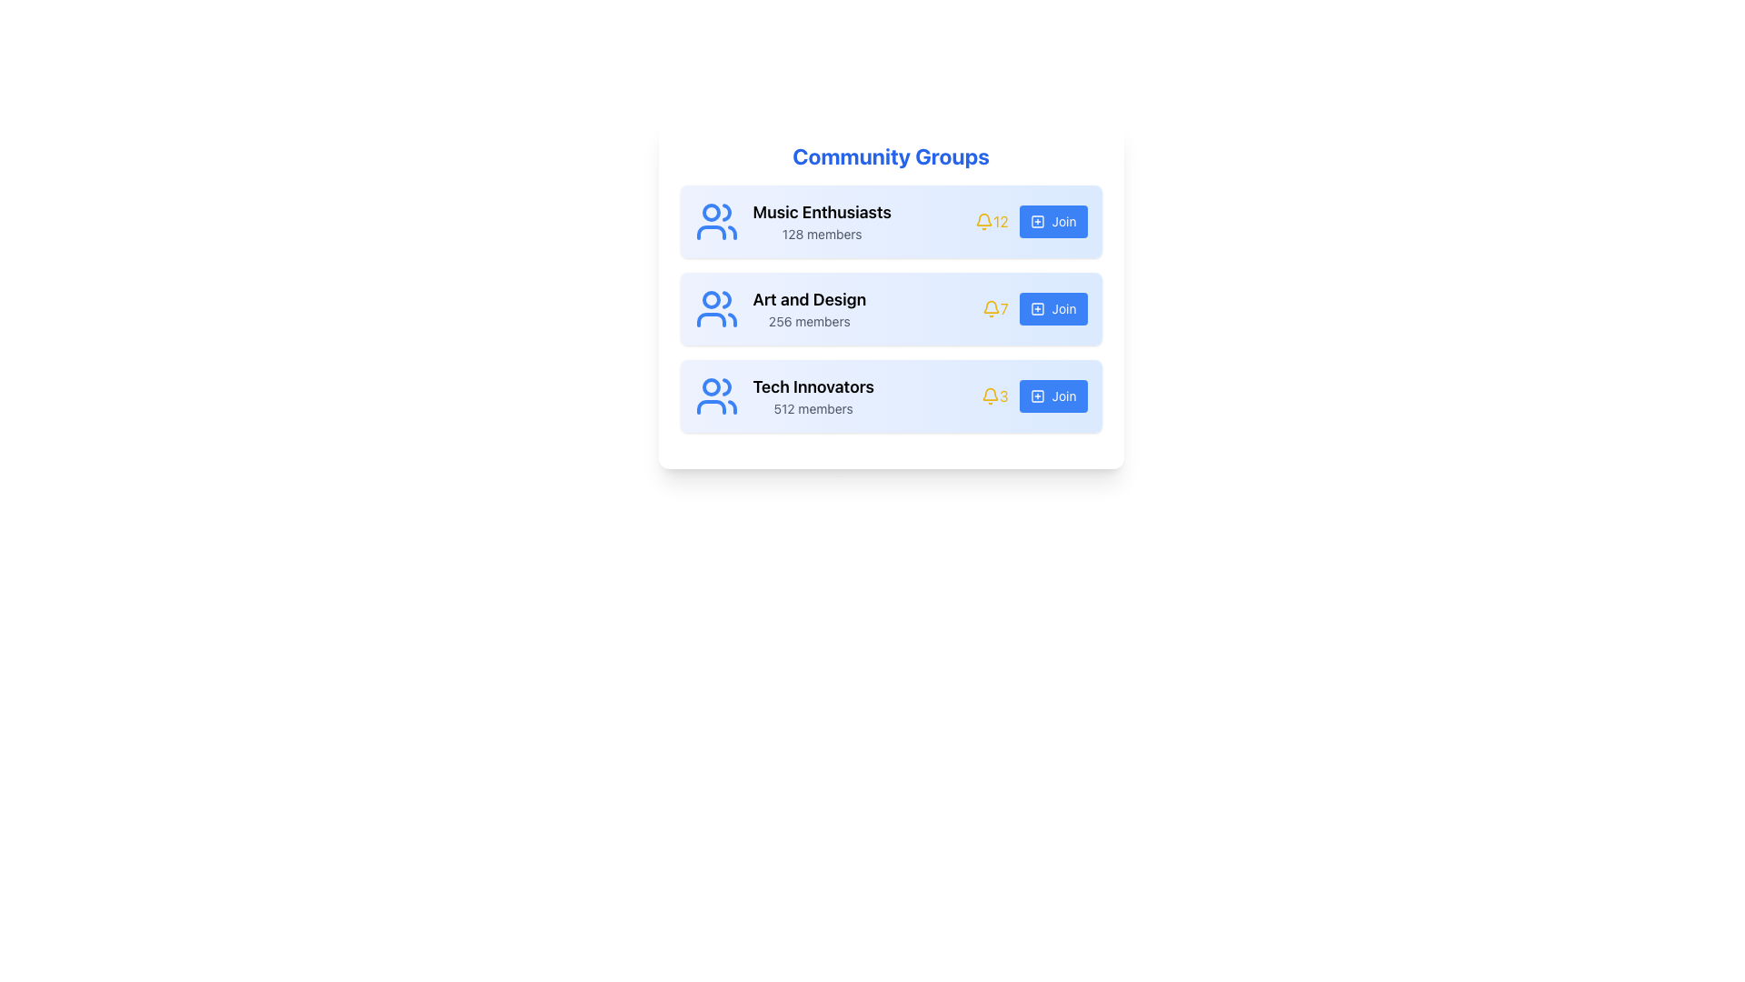 This screenshot has height=982, width=1745. What do you see at coordinates (813, 395) in the screenshot?
I see `text displayed in the community group section for 'Tech Innovators', located at the bottom row beneath 'Art and Design'` at bounding box center [813, 395].